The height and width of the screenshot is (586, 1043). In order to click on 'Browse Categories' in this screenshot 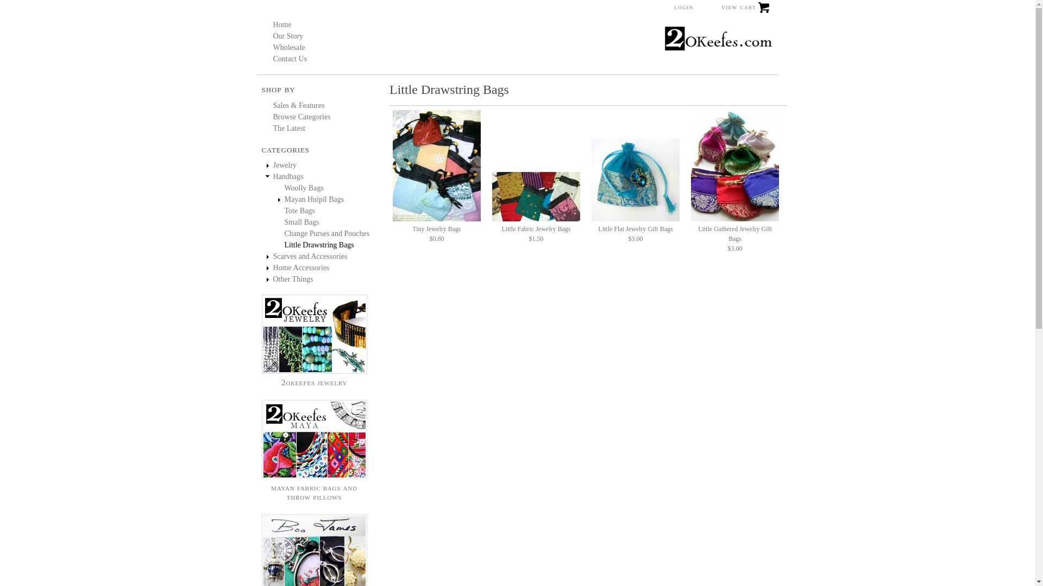, I will do `click(301, 117)`.